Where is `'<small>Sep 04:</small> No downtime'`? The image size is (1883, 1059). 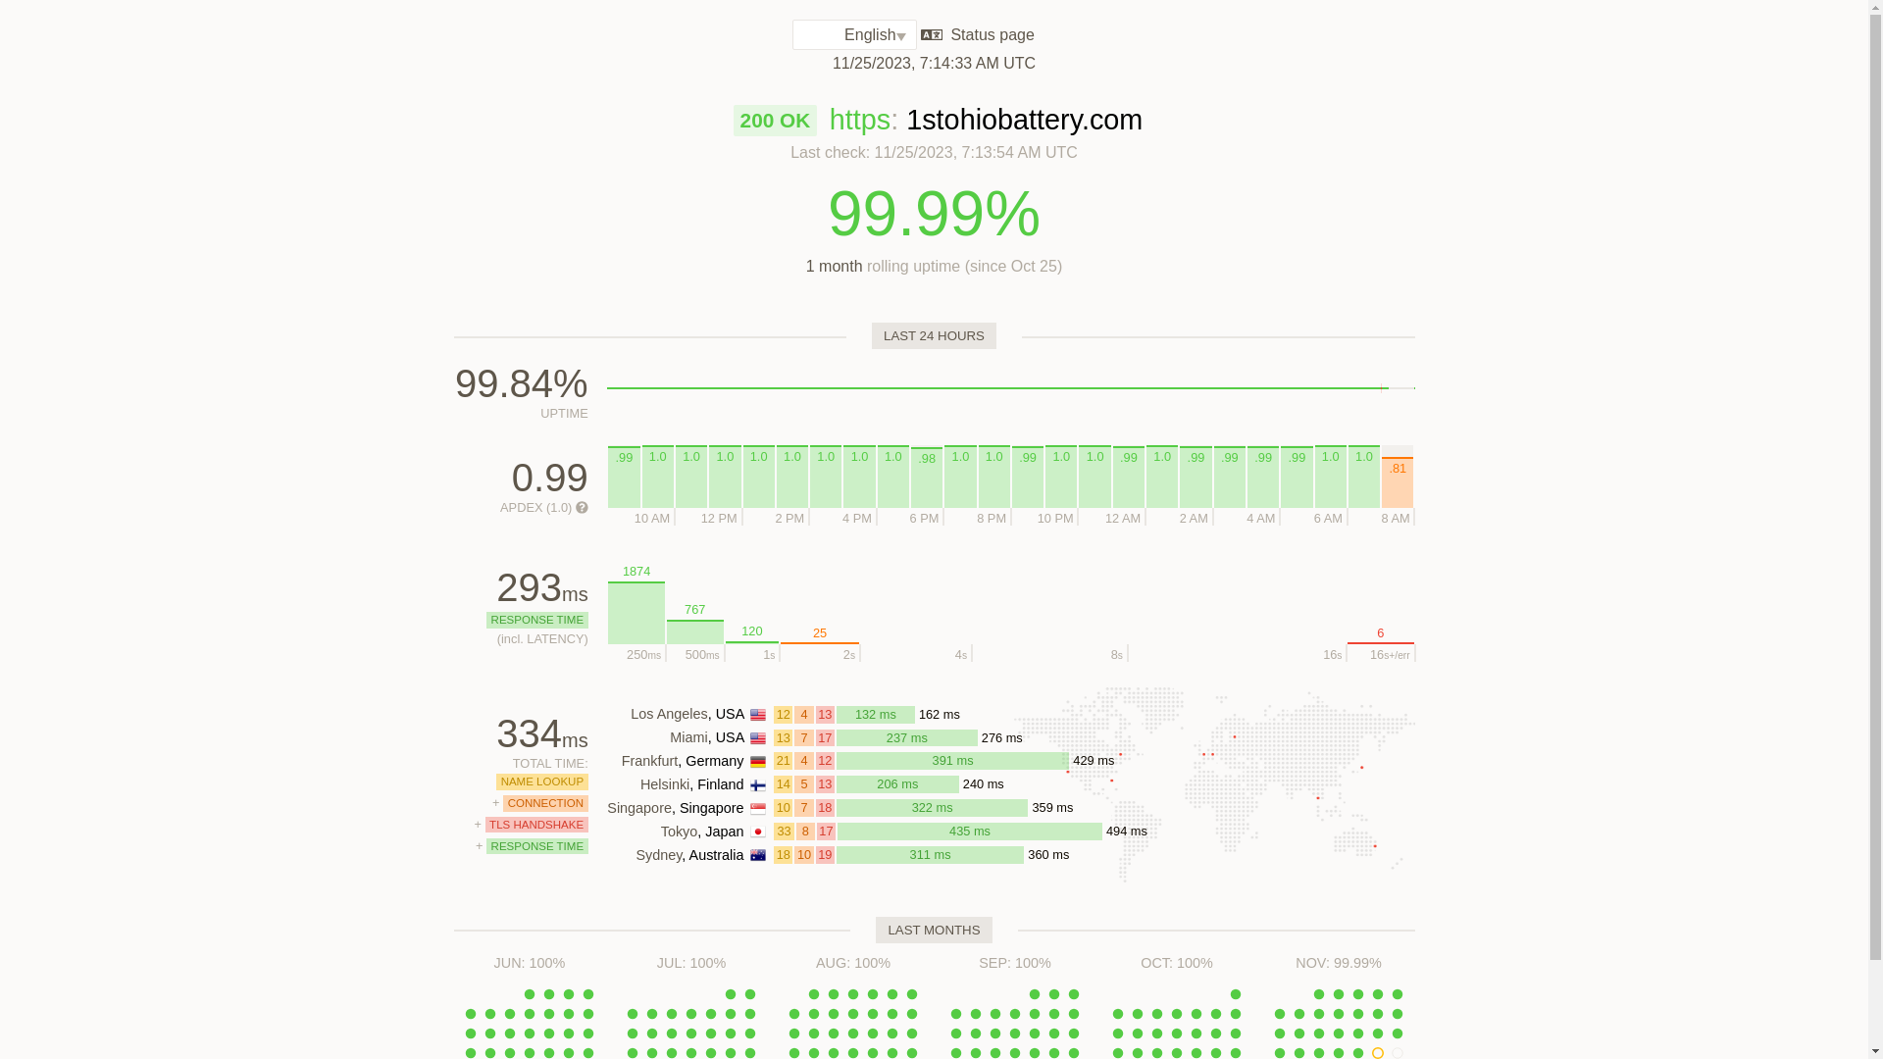 '<small>Sep 04:</small> No downtime' is located at coordinates (955, 1013).